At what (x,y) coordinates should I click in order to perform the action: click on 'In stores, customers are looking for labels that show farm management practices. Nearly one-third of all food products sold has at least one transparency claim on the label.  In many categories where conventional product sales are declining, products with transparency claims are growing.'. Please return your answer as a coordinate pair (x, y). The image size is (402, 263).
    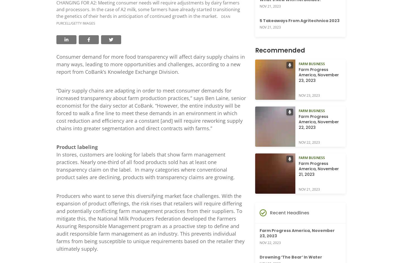
    Looking at the image, I should click on (56, 165).